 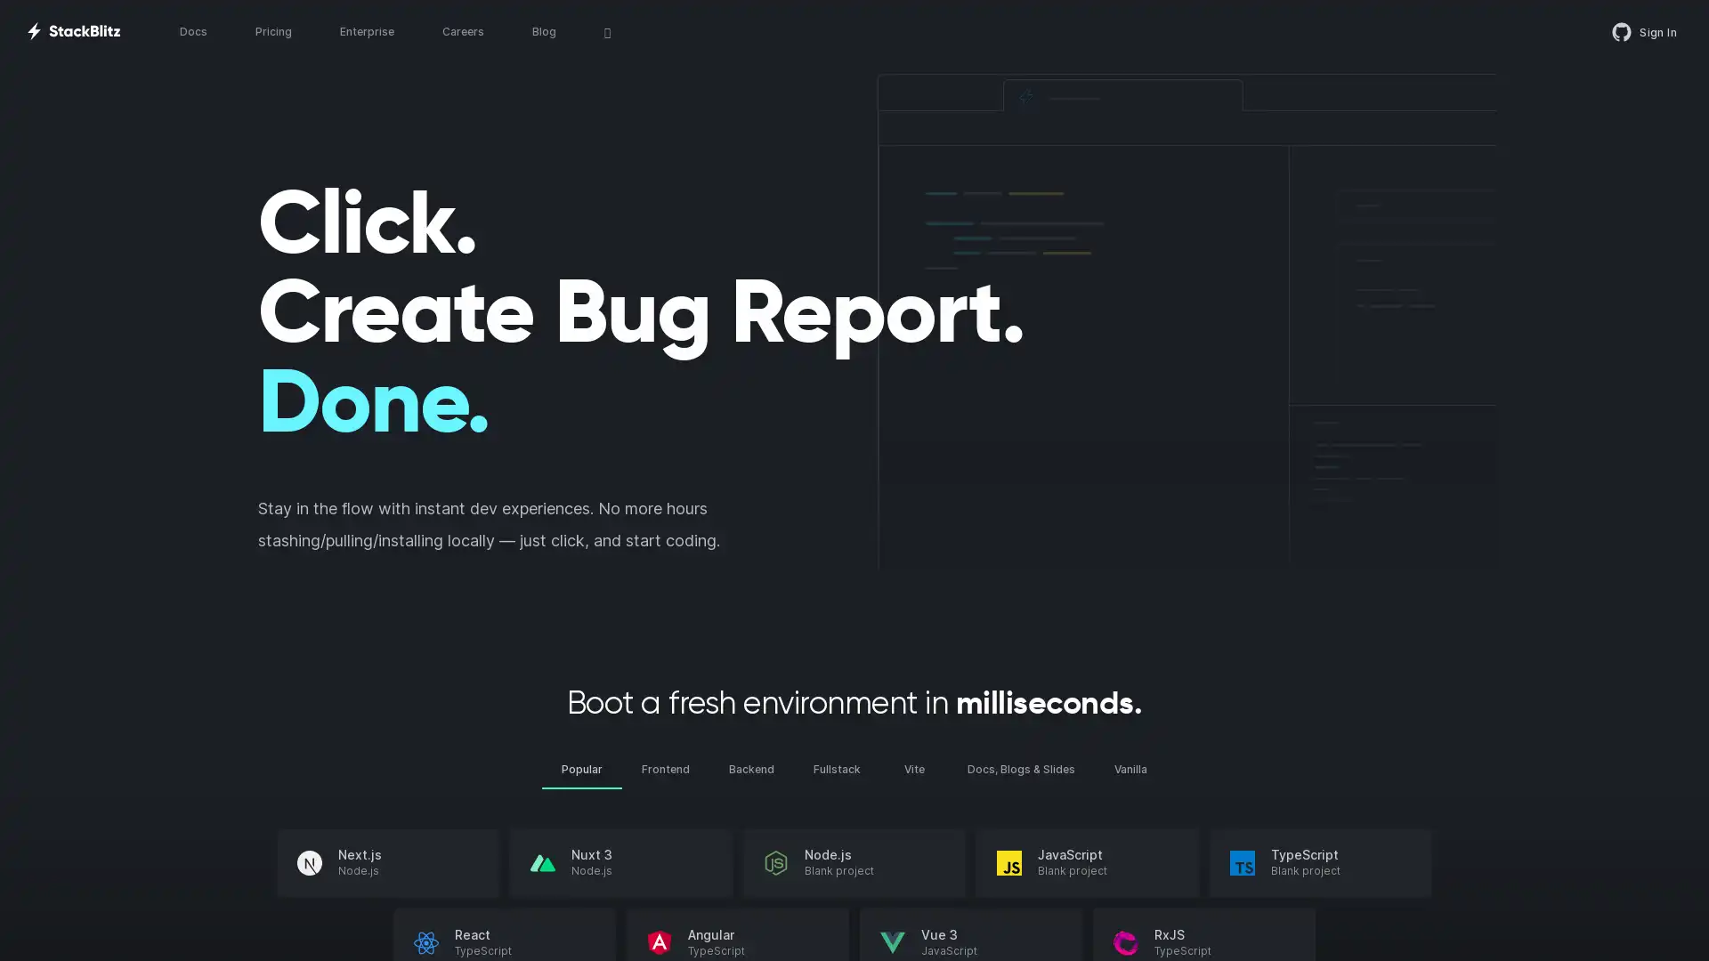 What do you see at coordinates (1644, 31) in the screenshot?
I see `Sign In` at bounding box center [1644, 31].